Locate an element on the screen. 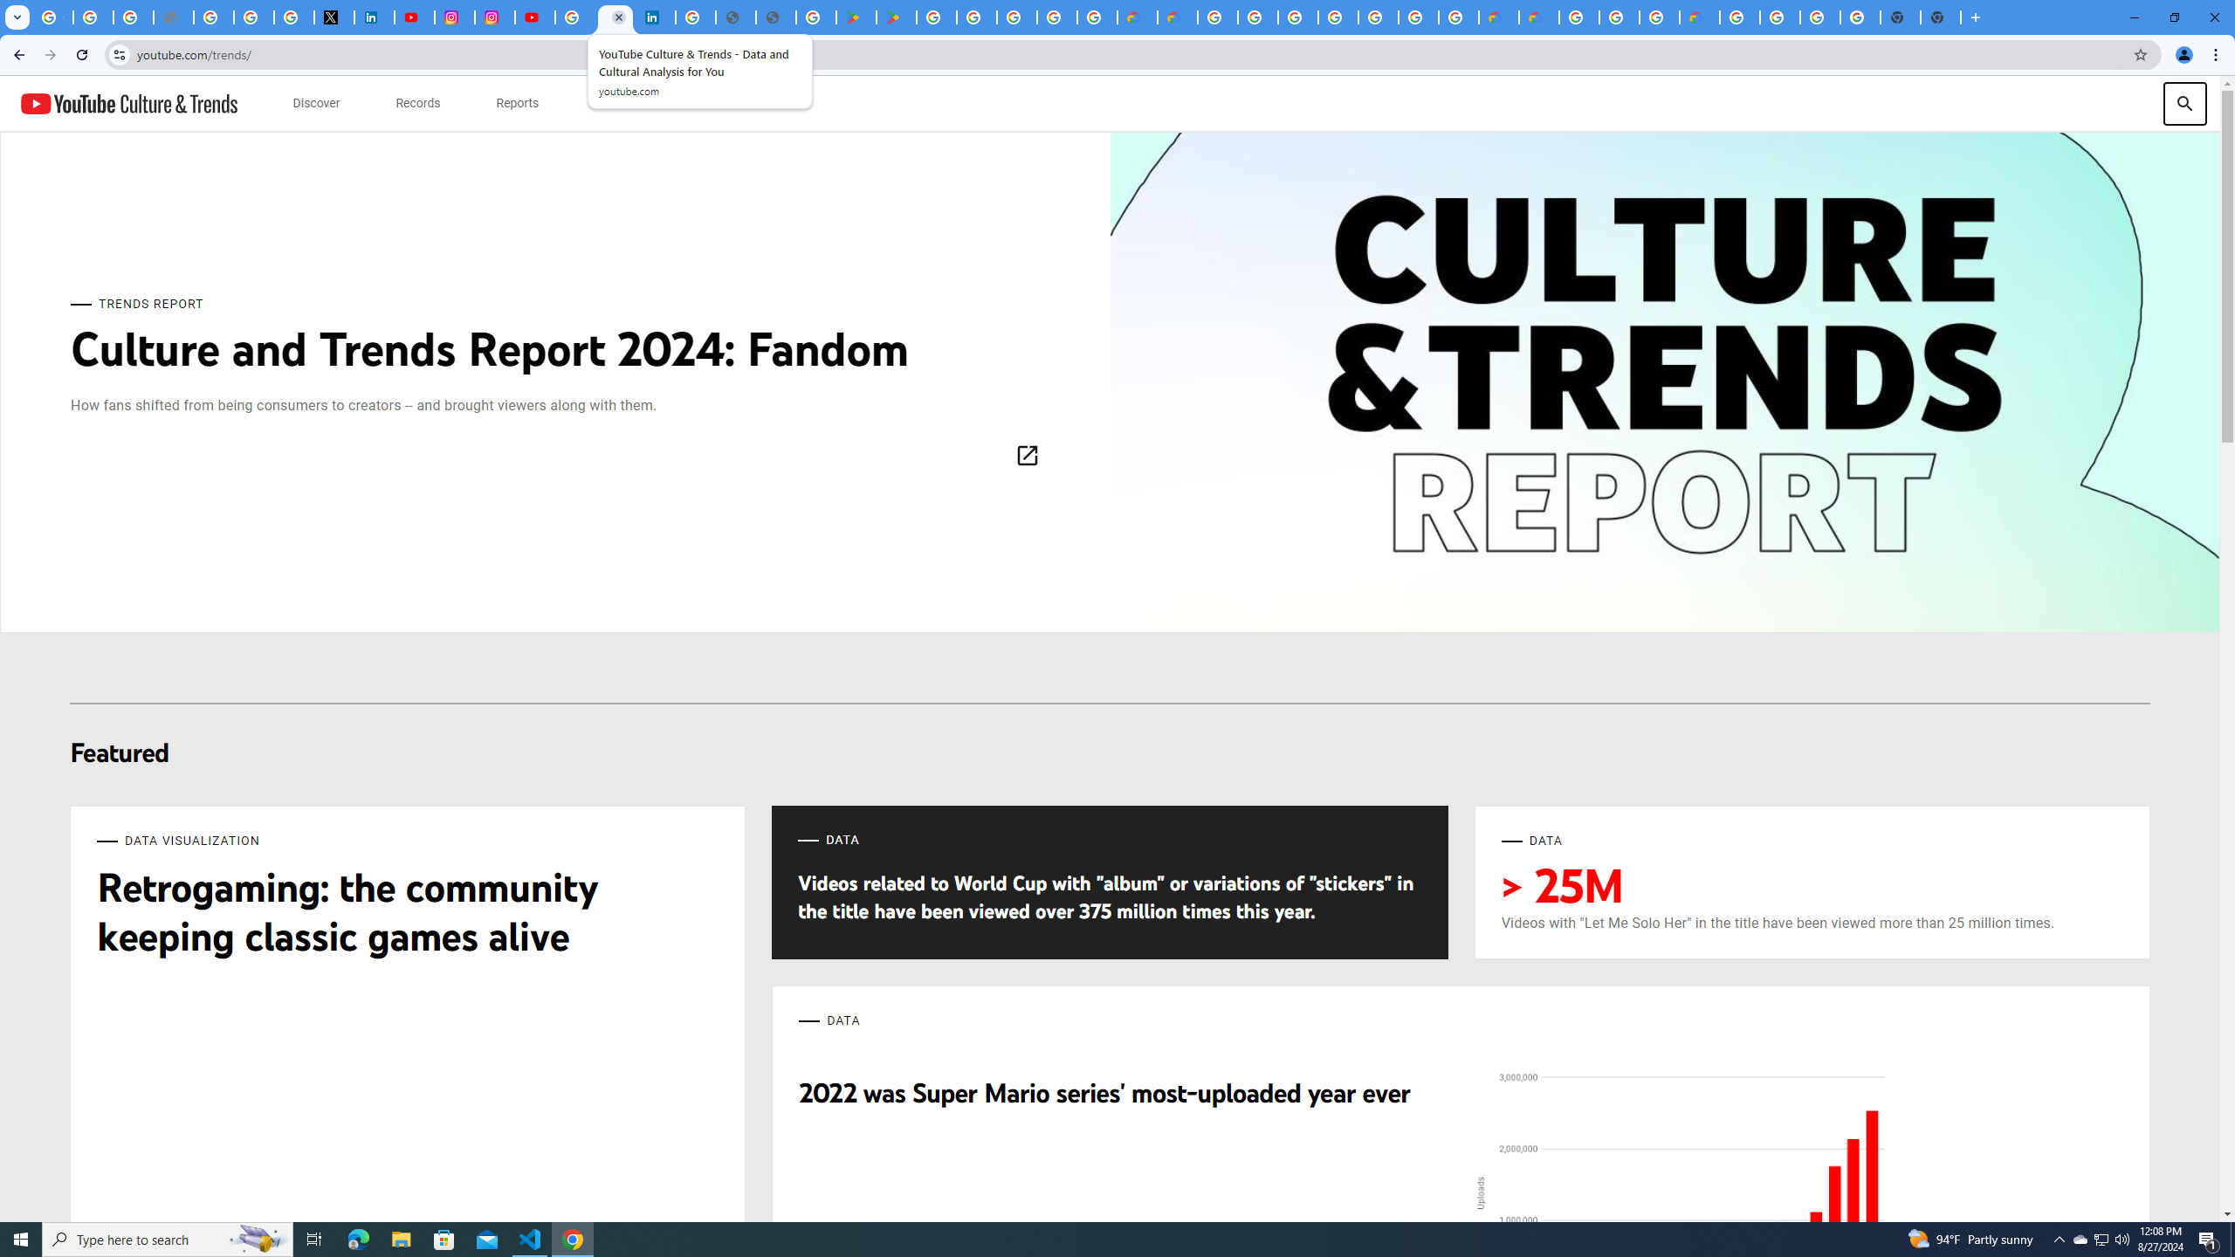 The width and height of the screenshot is (2235, 1257). 'Google Workspace - Specific Terms' is located at coordinates (1097, 17).